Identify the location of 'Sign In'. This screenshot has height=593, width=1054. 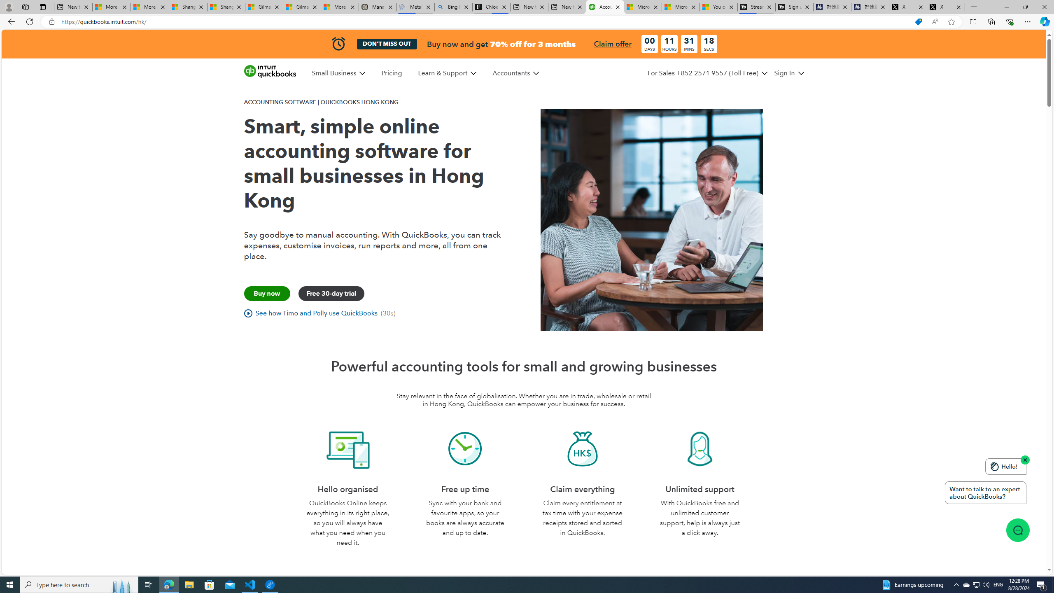
(784, 73).